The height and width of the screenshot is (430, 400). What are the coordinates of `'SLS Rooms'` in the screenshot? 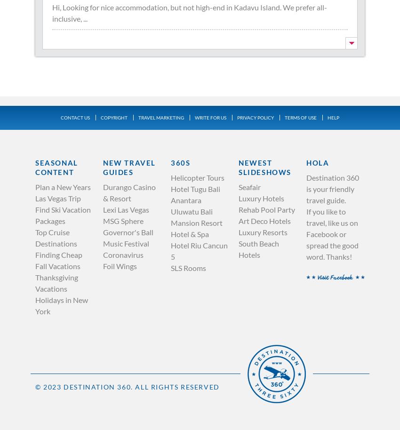 It's located at (188, 267).